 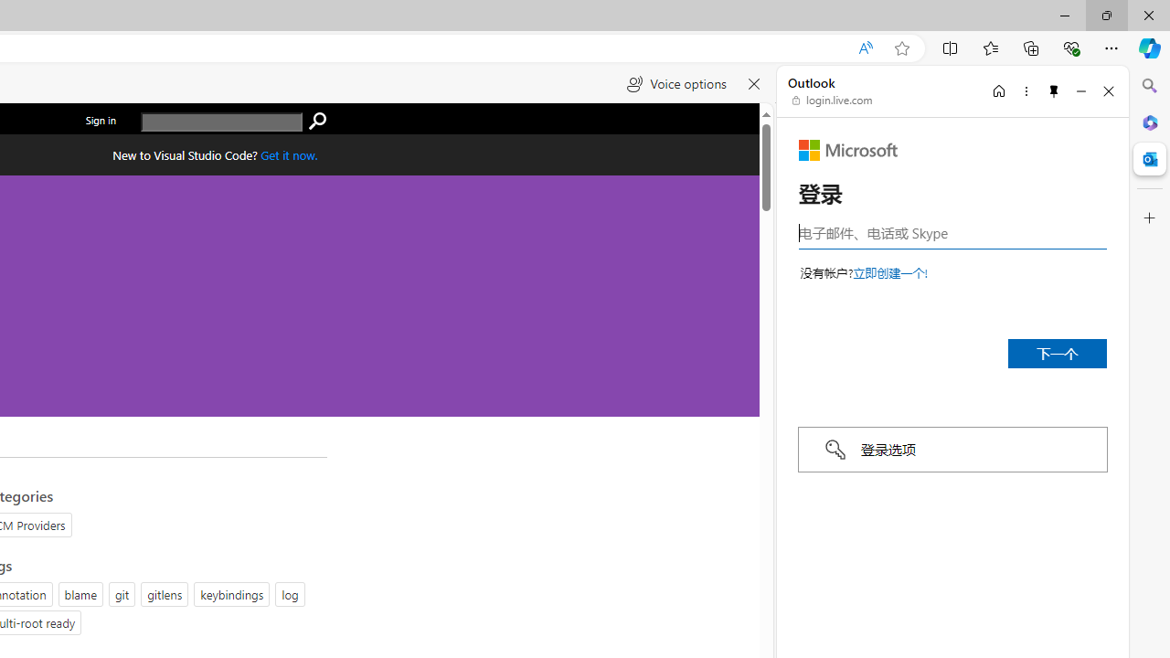 What do you see at coordinates (832, 101) in the screenshot?
I see `'login.live.com'` at bounding box center [832, 101].